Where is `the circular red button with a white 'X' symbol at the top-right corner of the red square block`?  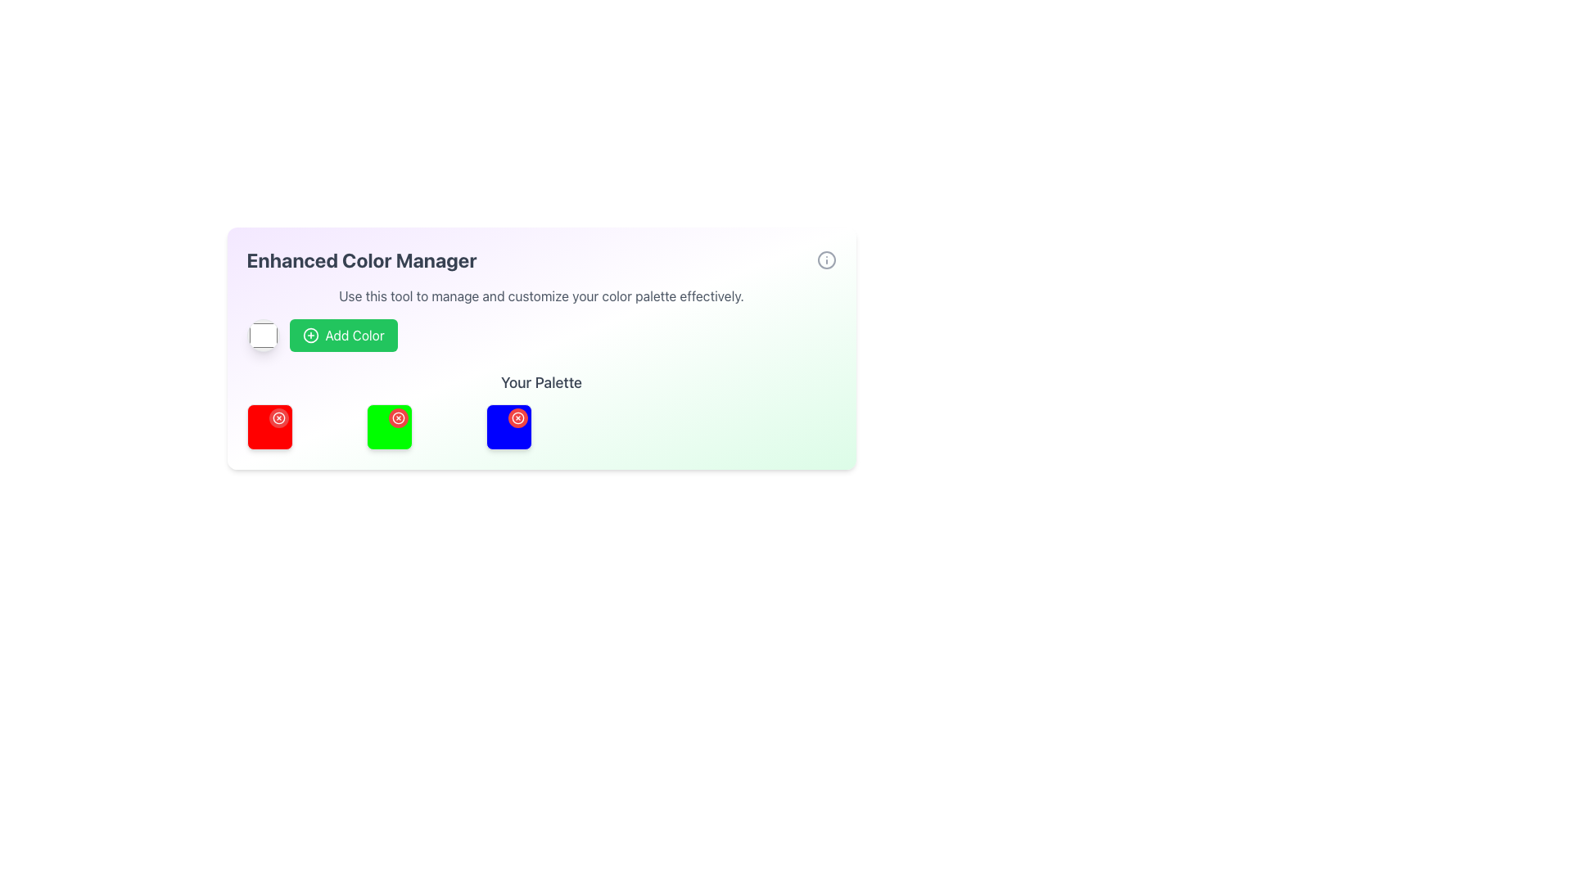 the circular red button with a white 'X' symbol at the top-right corner of the red square block is located at coordinates (278, 417).